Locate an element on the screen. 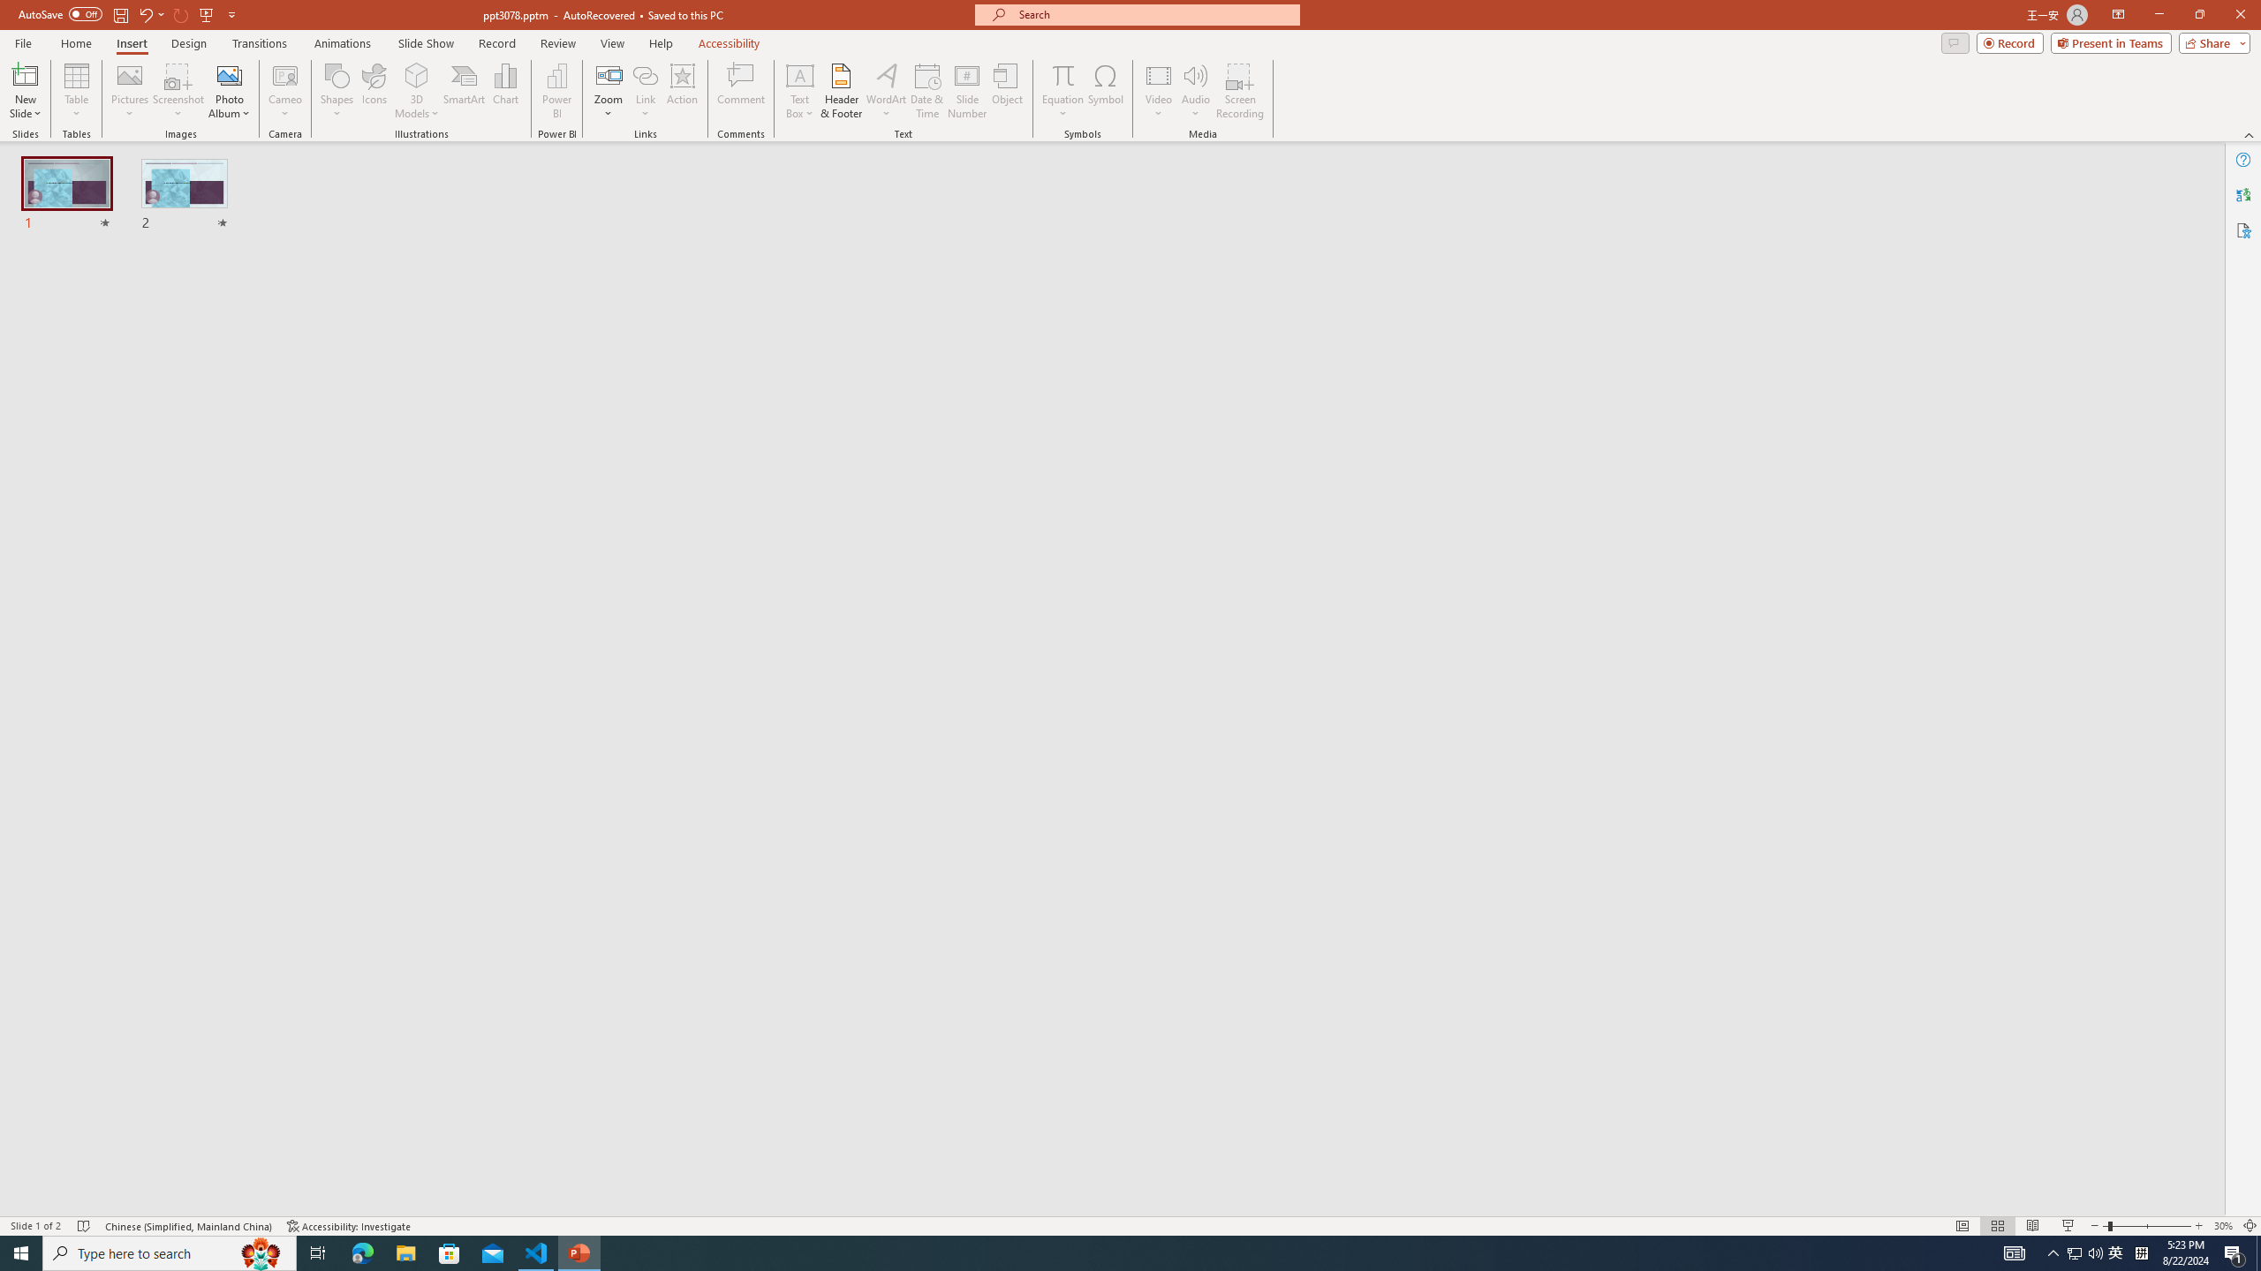  'Chart...' is located at coordinates (505, 91).